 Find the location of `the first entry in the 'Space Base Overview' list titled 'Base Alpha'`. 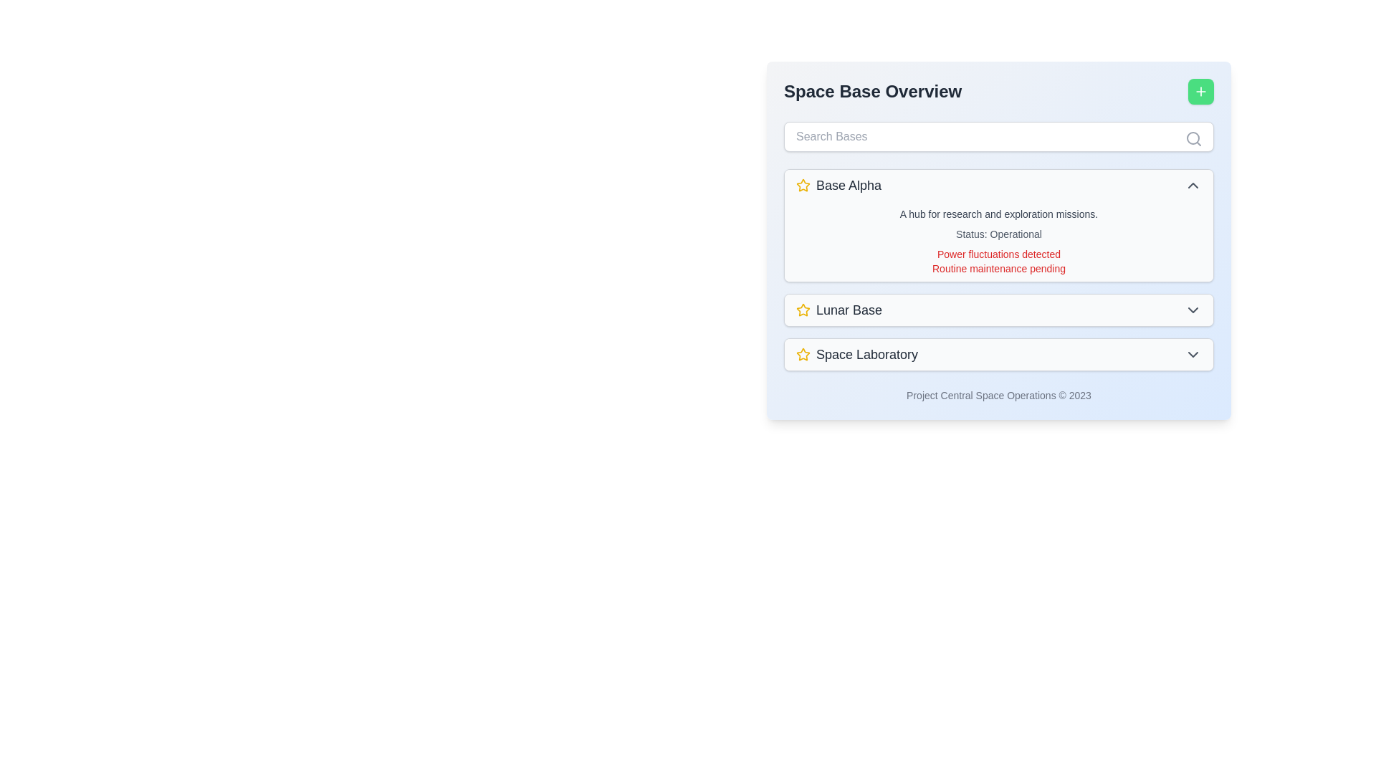

the first entry in the 'Space Base Overview' list titled 'Base Alpha' is located at coordinates (998, 184).